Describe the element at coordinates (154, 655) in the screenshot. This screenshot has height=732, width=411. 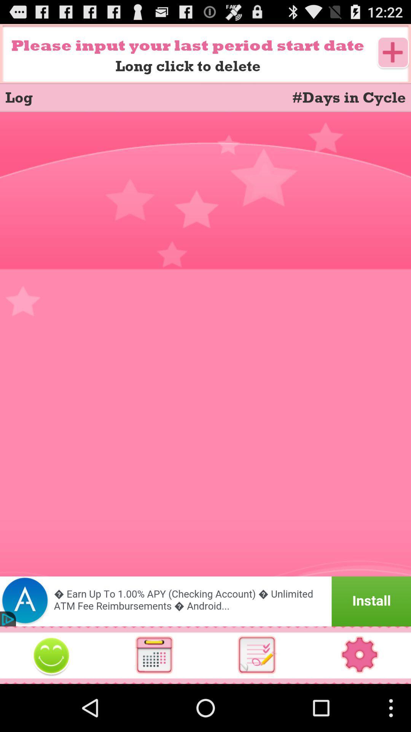
I see `use calculator` at that location.